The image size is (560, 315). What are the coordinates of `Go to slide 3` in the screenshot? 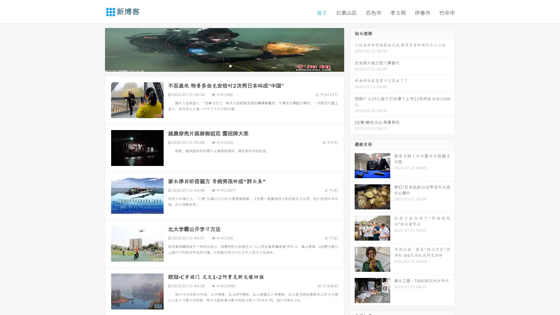 It's located at (230, 66).